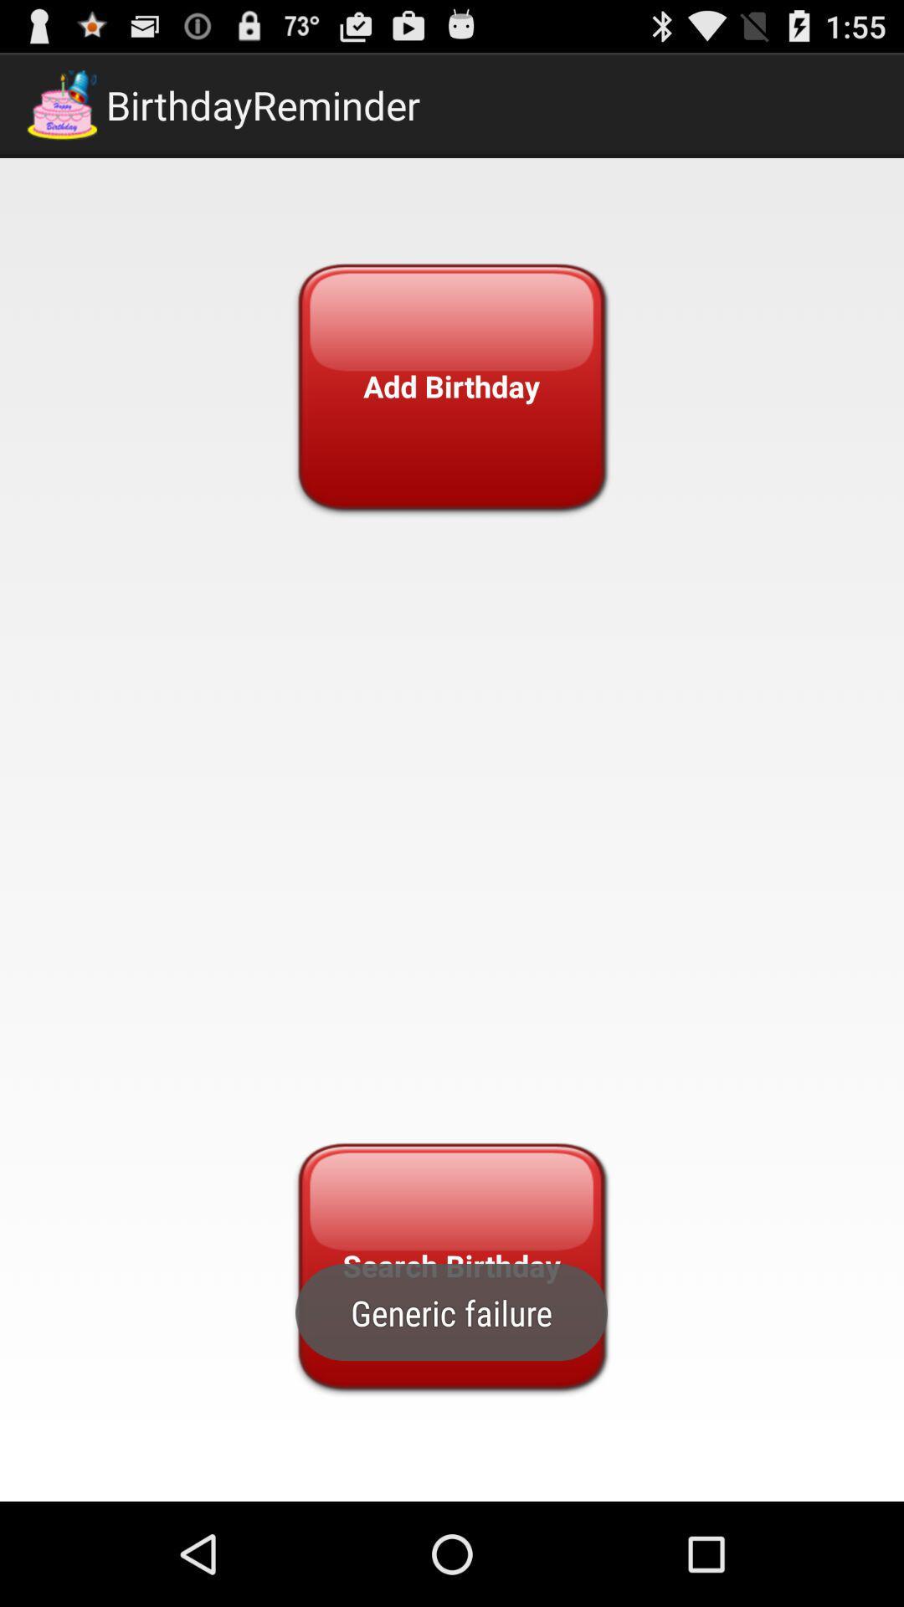  I want to click on icon at the bottom, so click(450, 1266).